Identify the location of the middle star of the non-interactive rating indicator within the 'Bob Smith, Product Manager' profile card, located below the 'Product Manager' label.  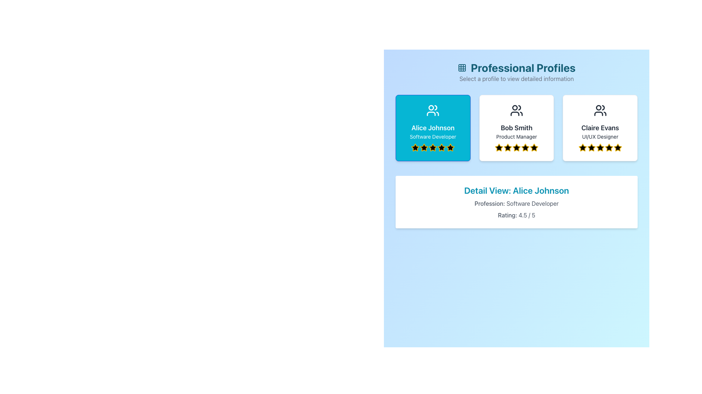
(516, 148).